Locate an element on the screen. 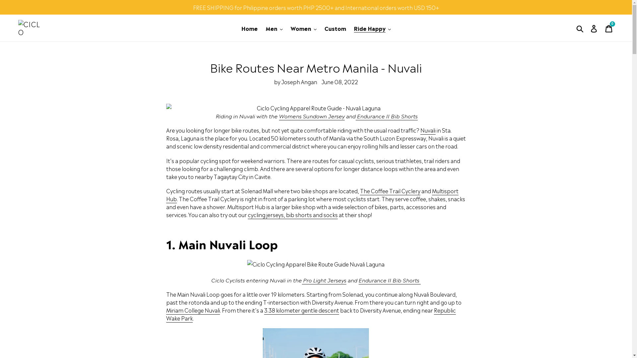  'Miriam College Nuvali' is located at coordinates (166, 310).